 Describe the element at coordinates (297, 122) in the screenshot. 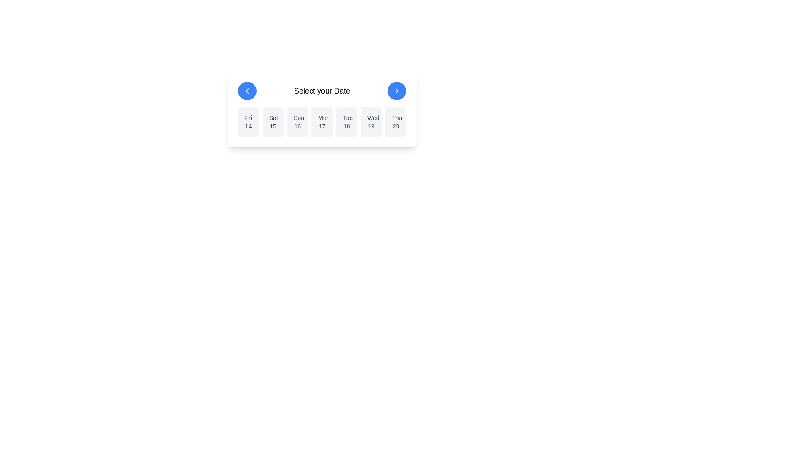

I see `the interactive button for selecting the date associated with 'Sun 16'` at that location.